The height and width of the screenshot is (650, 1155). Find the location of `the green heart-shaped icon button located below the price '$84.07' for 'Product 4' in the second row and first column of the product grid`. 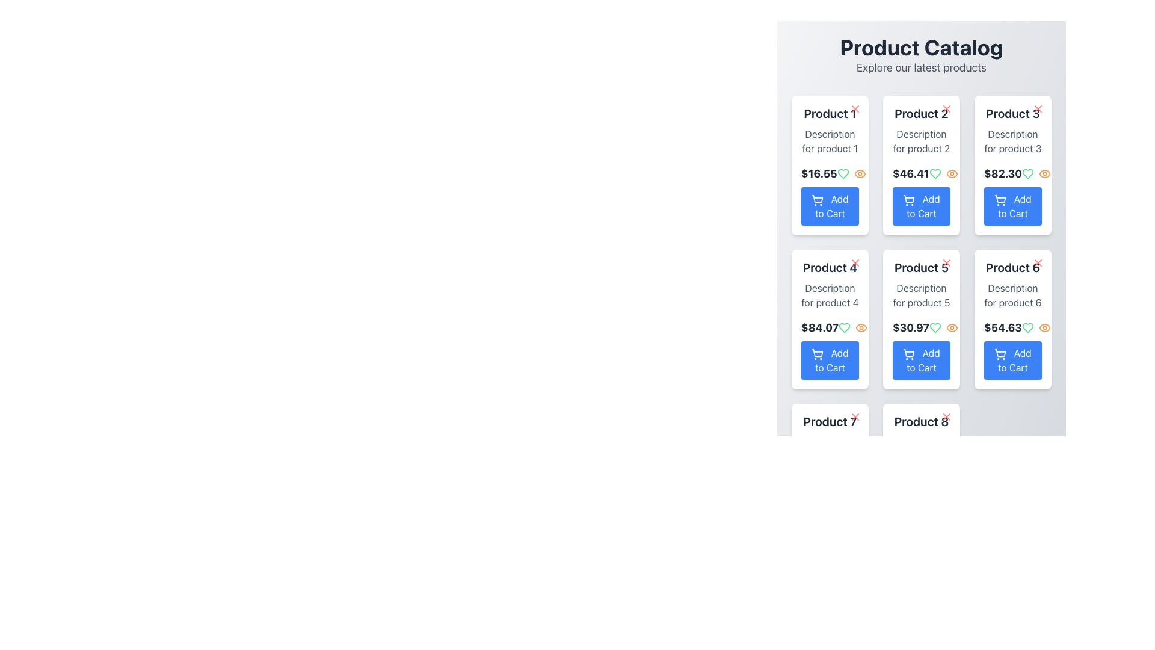

the green heart-shaped icon button located below the price '$84.07' for 'Product 4' in the second row and first column of the product grid is located at coordinates (844, 327).